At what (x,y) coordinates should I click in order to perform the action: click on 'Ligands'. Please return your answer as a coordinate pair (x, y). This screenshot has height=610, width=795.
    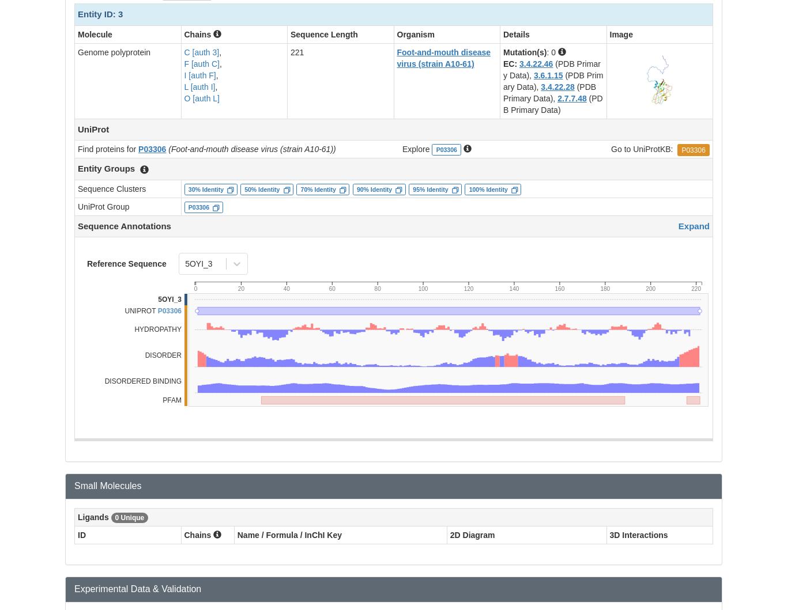
    Looking at the image, I should click on (78, 517).